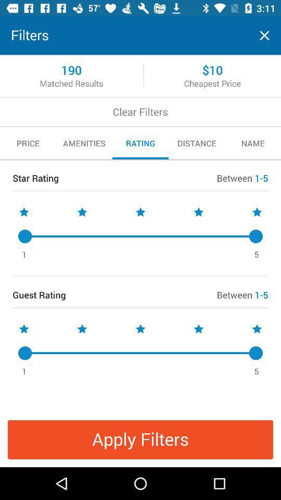 The height and width of the screenshot is (500, 281). I want to click on the item next to rating icon, so click(197, 143).